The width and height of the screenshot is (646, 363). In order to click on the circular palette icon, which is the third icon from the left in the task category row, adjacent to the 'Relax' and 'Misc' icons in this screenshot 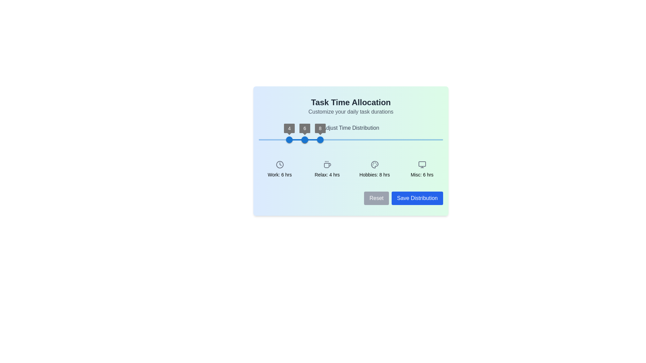, I will do `click(374, 164)`.